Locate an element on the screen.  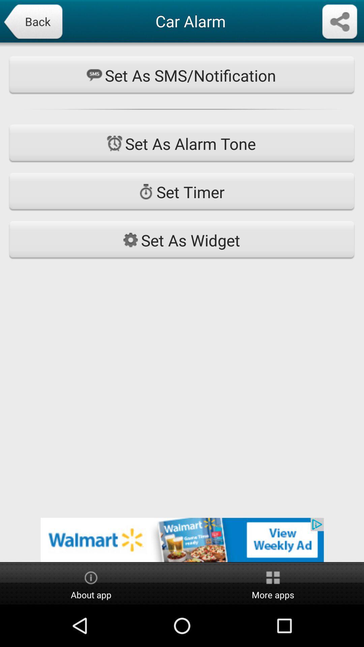
share app data is located at coordinates (339, 22).